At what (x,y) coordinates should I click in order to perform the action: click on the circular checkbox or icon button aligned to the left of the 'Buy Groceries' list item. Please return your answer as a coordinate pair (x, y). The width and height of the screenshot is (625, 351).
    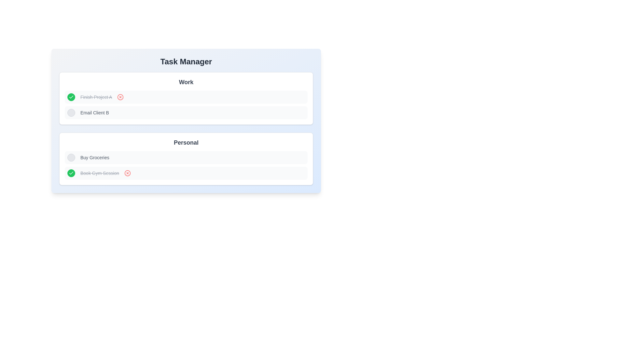
    Looking at the image, I should click on (71, 158).